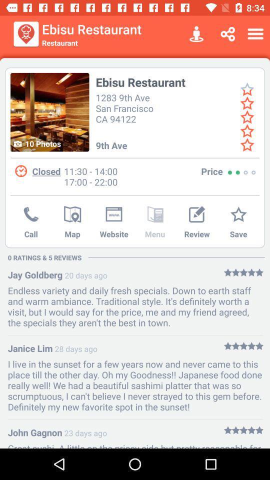 This screenshot has width=270, height=480. Describe the element at coordinates (126, 107) in the screenshot. I see `the 1283 9th ave icon` at that location.